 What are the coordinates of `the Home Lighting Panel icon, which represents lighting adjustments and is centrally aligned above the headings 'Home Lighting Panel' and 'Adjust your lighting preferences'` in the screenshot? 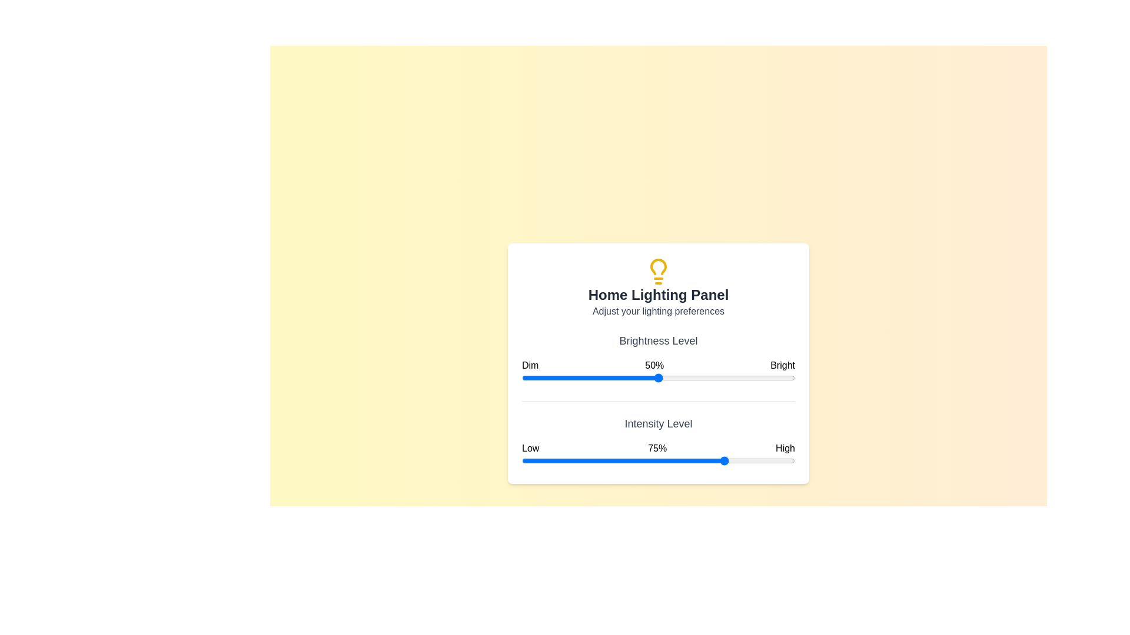 It's located at (657, 271).